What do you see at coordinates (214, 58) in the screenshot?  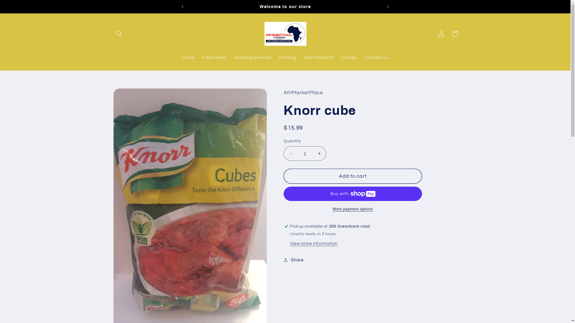 I see `'Food Items'` at bounding box center [214, 58].